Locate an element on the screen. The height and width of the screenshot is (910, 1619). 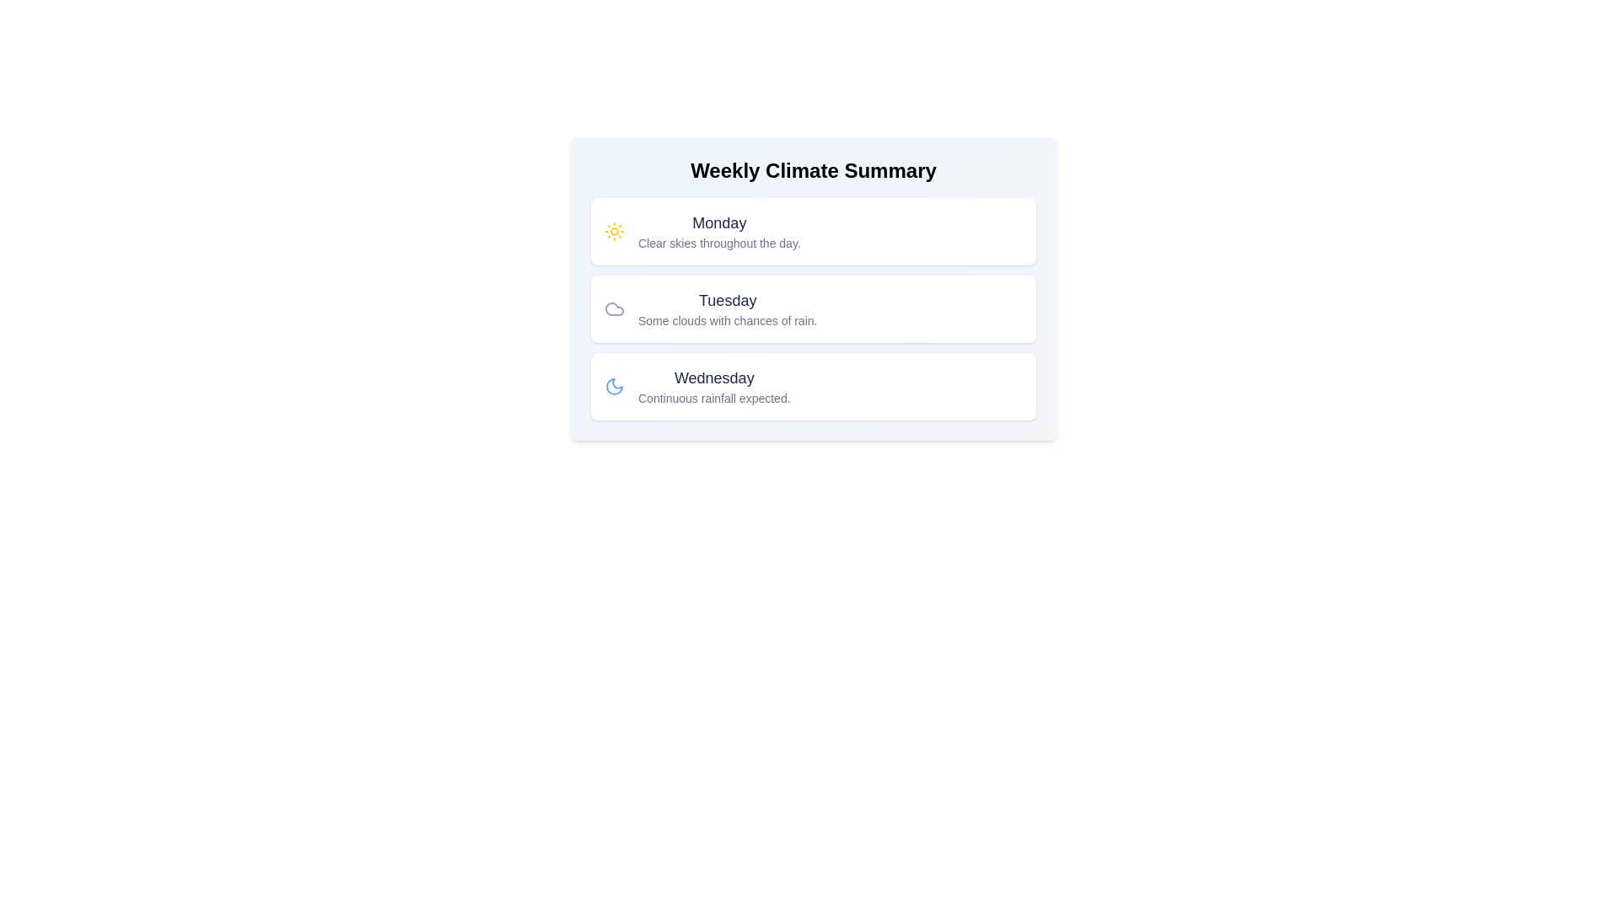
the weather condition icon for Wednesday is located at coordinates (614, 387).